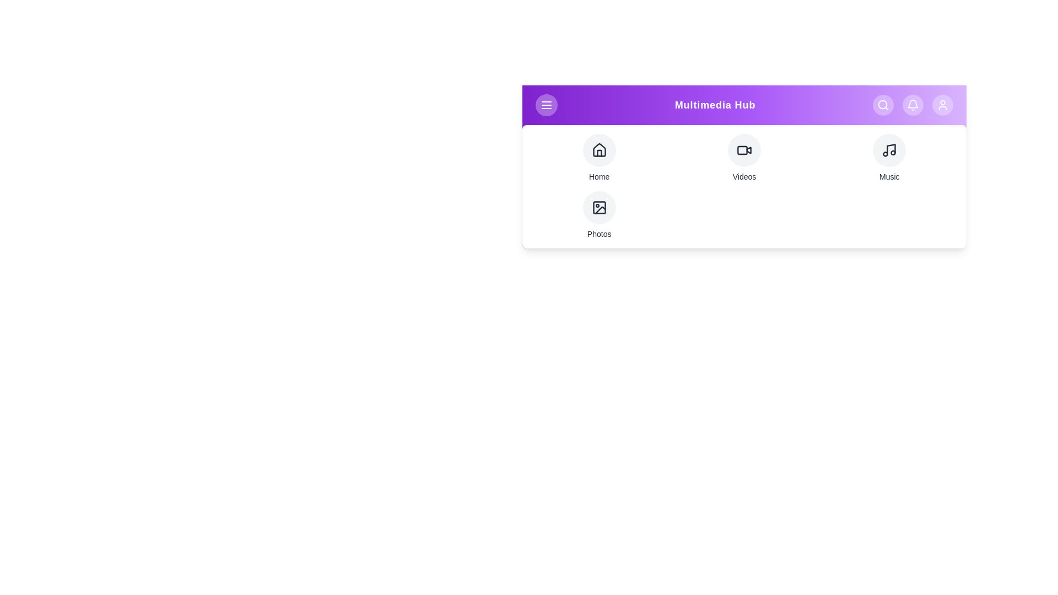  Describe the element at coordinates (942, 105) in the screenshot. I see `the User Profile button` at that location.